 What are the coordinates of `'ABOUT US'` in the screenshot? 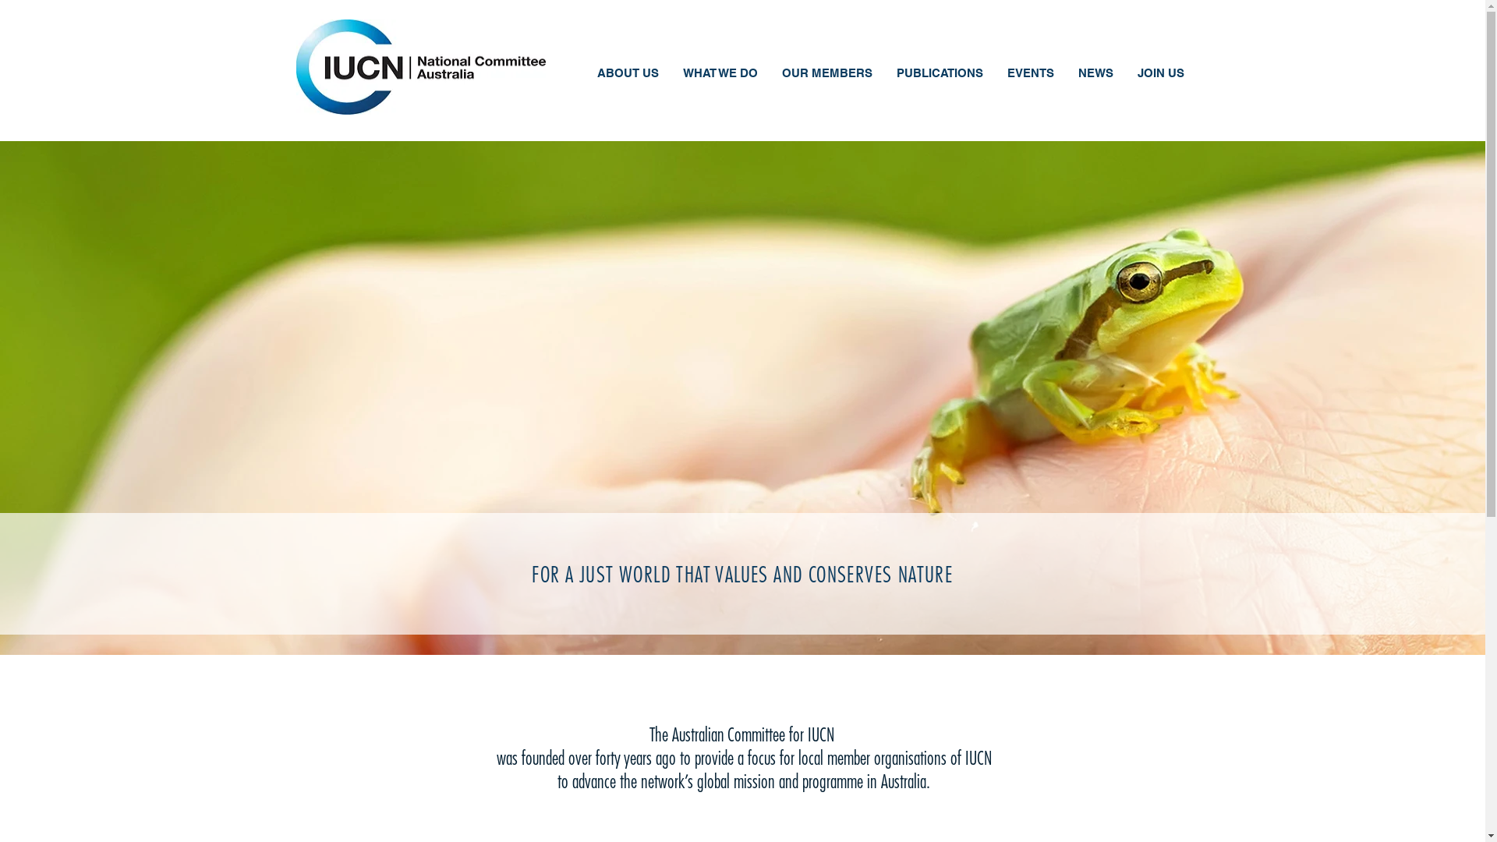 It's located at (627, 74).